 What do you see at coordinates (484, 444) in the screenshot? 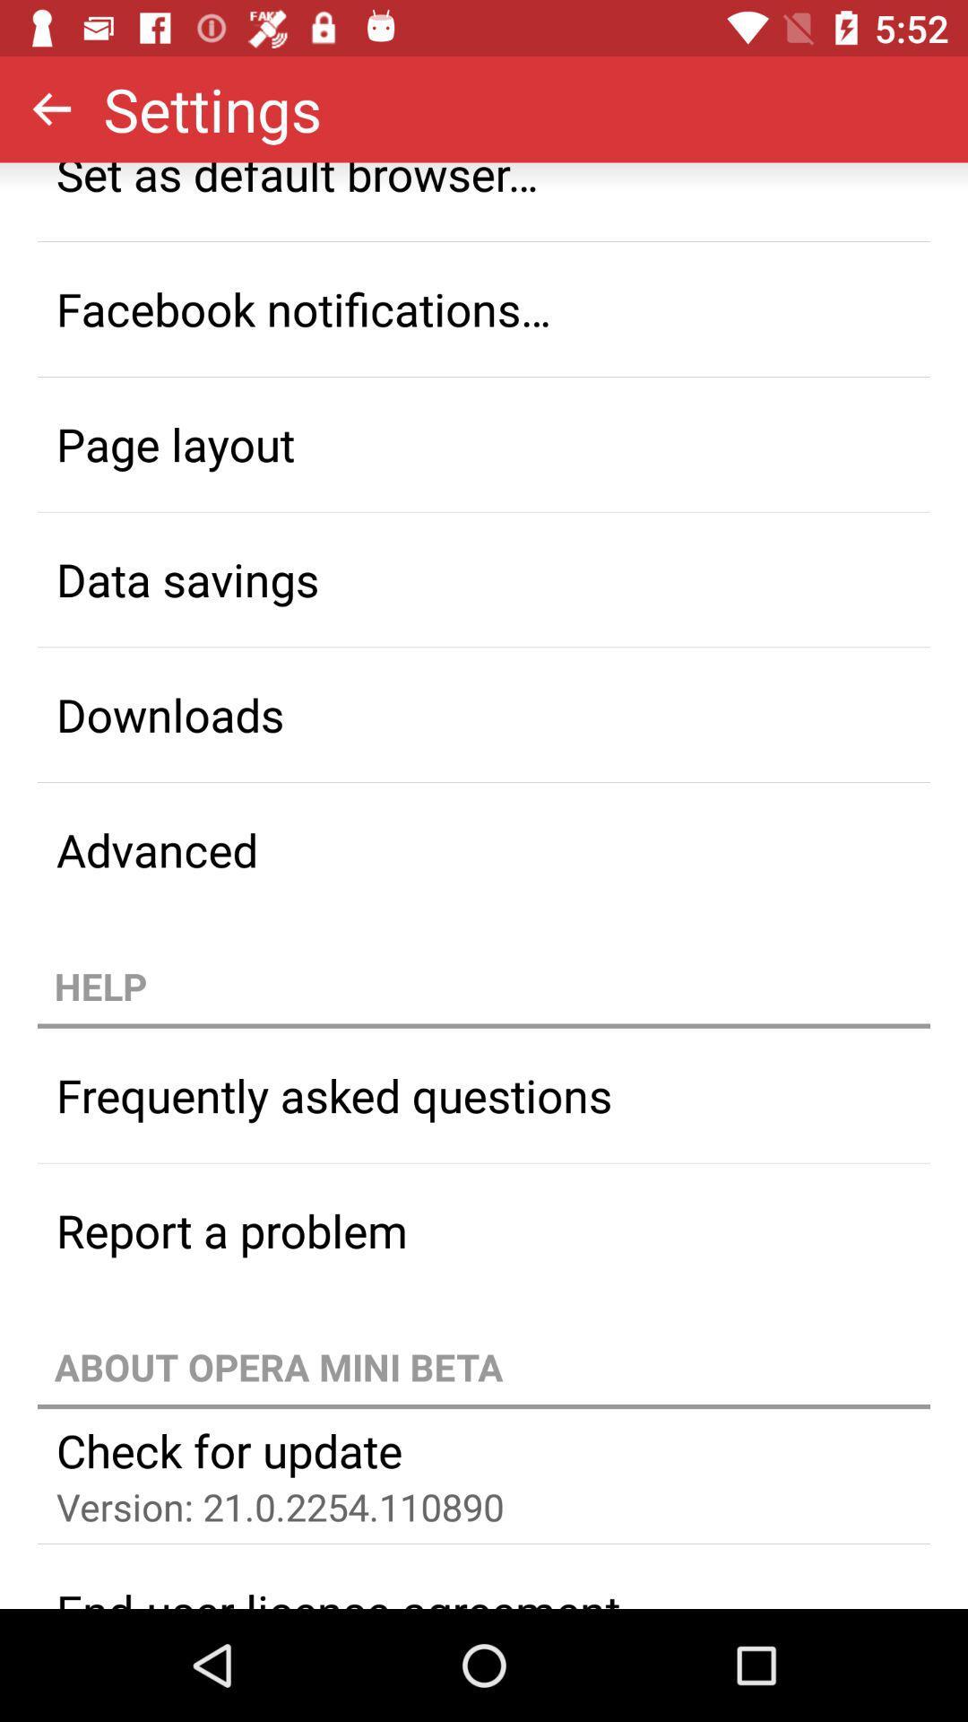
I see `the button above data savings` at bounding box center [484, 444].